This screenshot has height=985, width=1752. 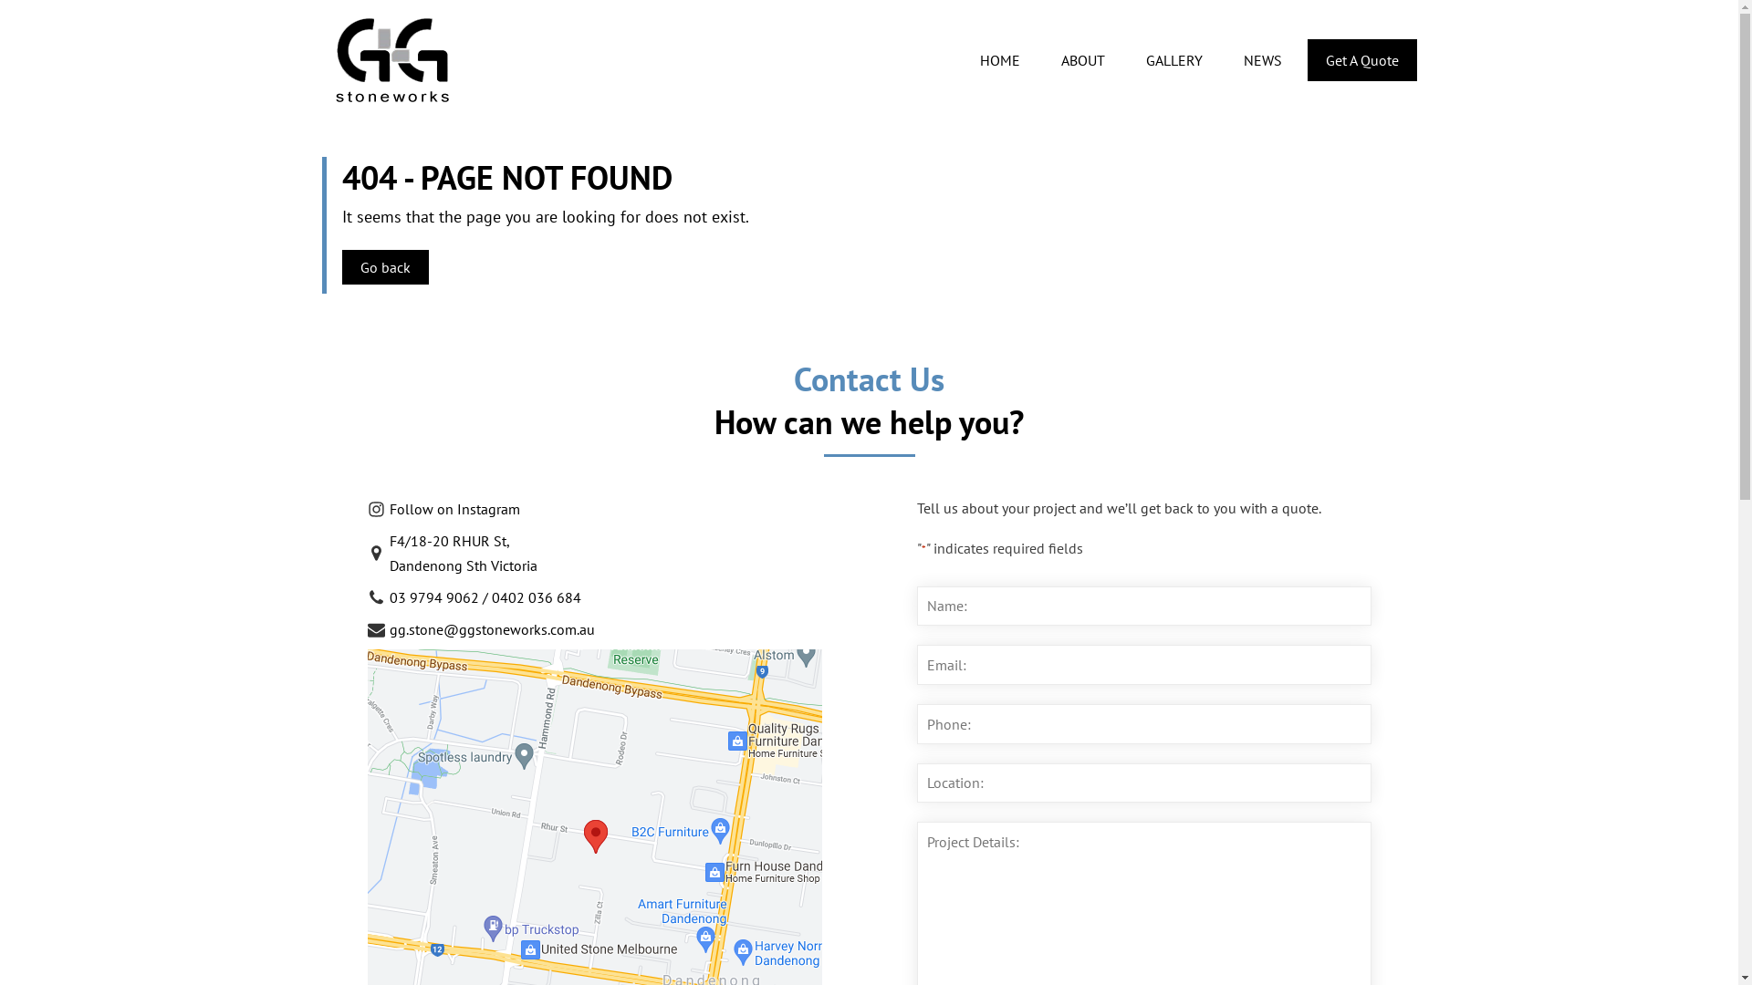 What do you see at coordinates (433, 597) in the screenshot?
I see `'03 9794 9062'` at bounding box center [433, 597].